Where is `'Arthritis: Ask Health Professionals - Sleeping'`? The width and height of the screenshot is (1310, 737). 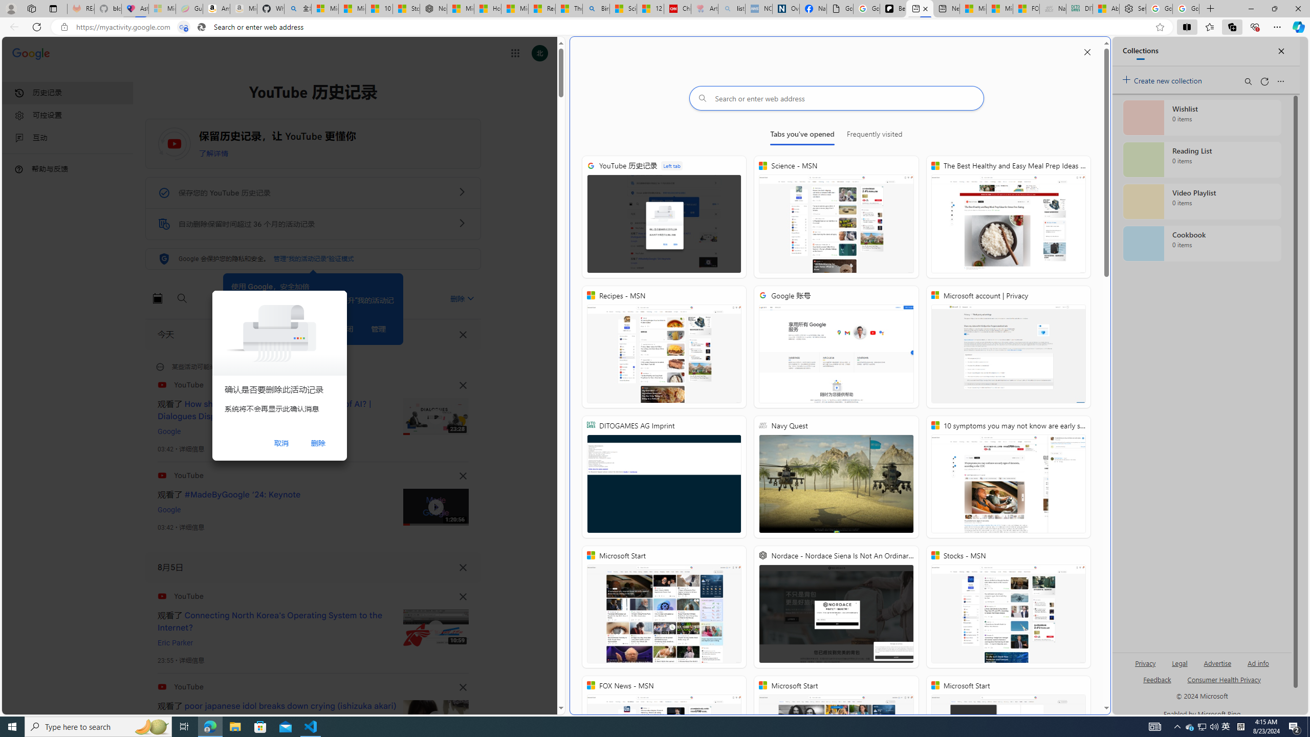
'Arthritis: Ask Health Professionals - Sleeping' is located at coordinates (705, 8).